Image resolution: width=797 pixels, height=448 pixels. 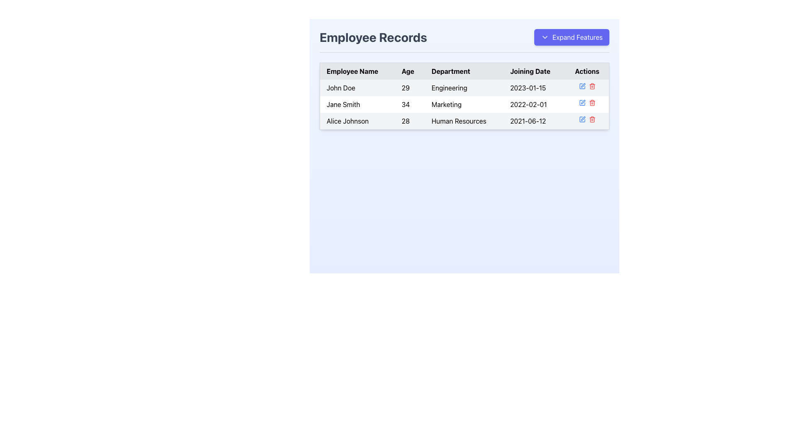 What do you see at coordinates (464, 104) in the screenshot?
I see `the second row of the employee records table, which contains the information 'Jane Smith', '34', 'Marketing', and '2022-02-01'` at bounding box center [464, 104].